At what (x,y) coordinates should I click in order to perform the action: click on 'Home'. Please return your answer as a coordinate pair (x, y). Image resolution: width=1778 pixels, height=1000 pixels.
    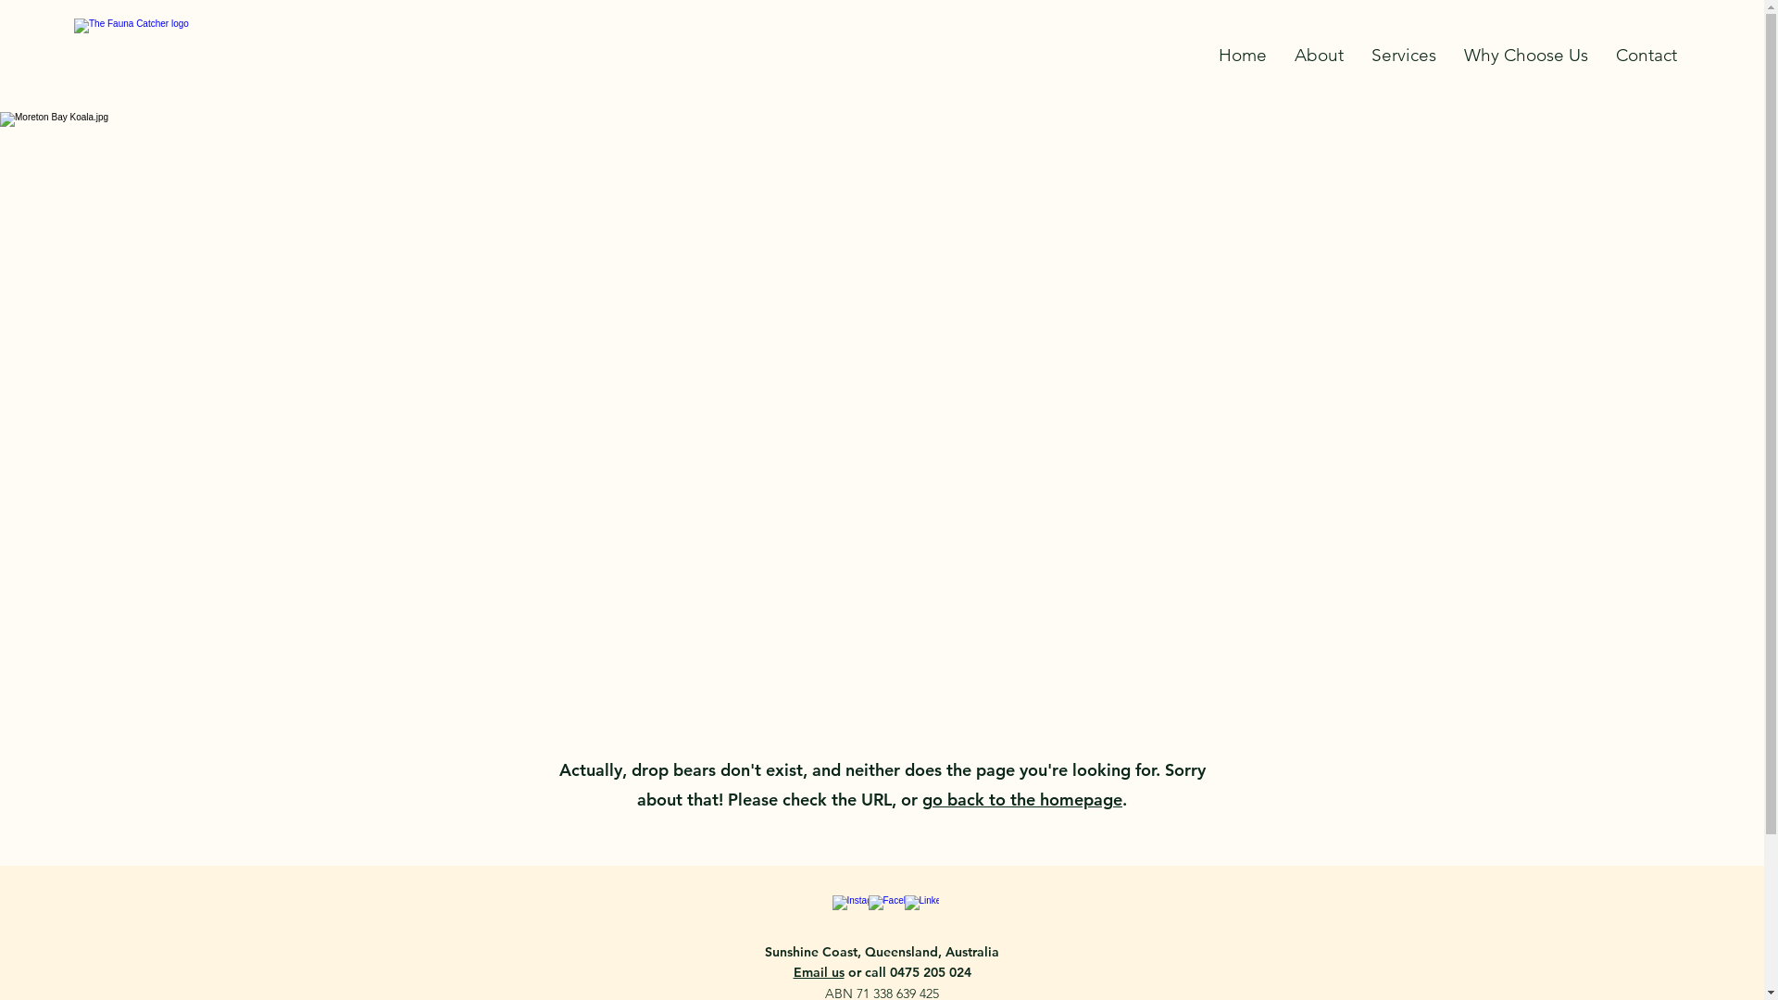
    Looking at the image, I should click on (1204, 55).